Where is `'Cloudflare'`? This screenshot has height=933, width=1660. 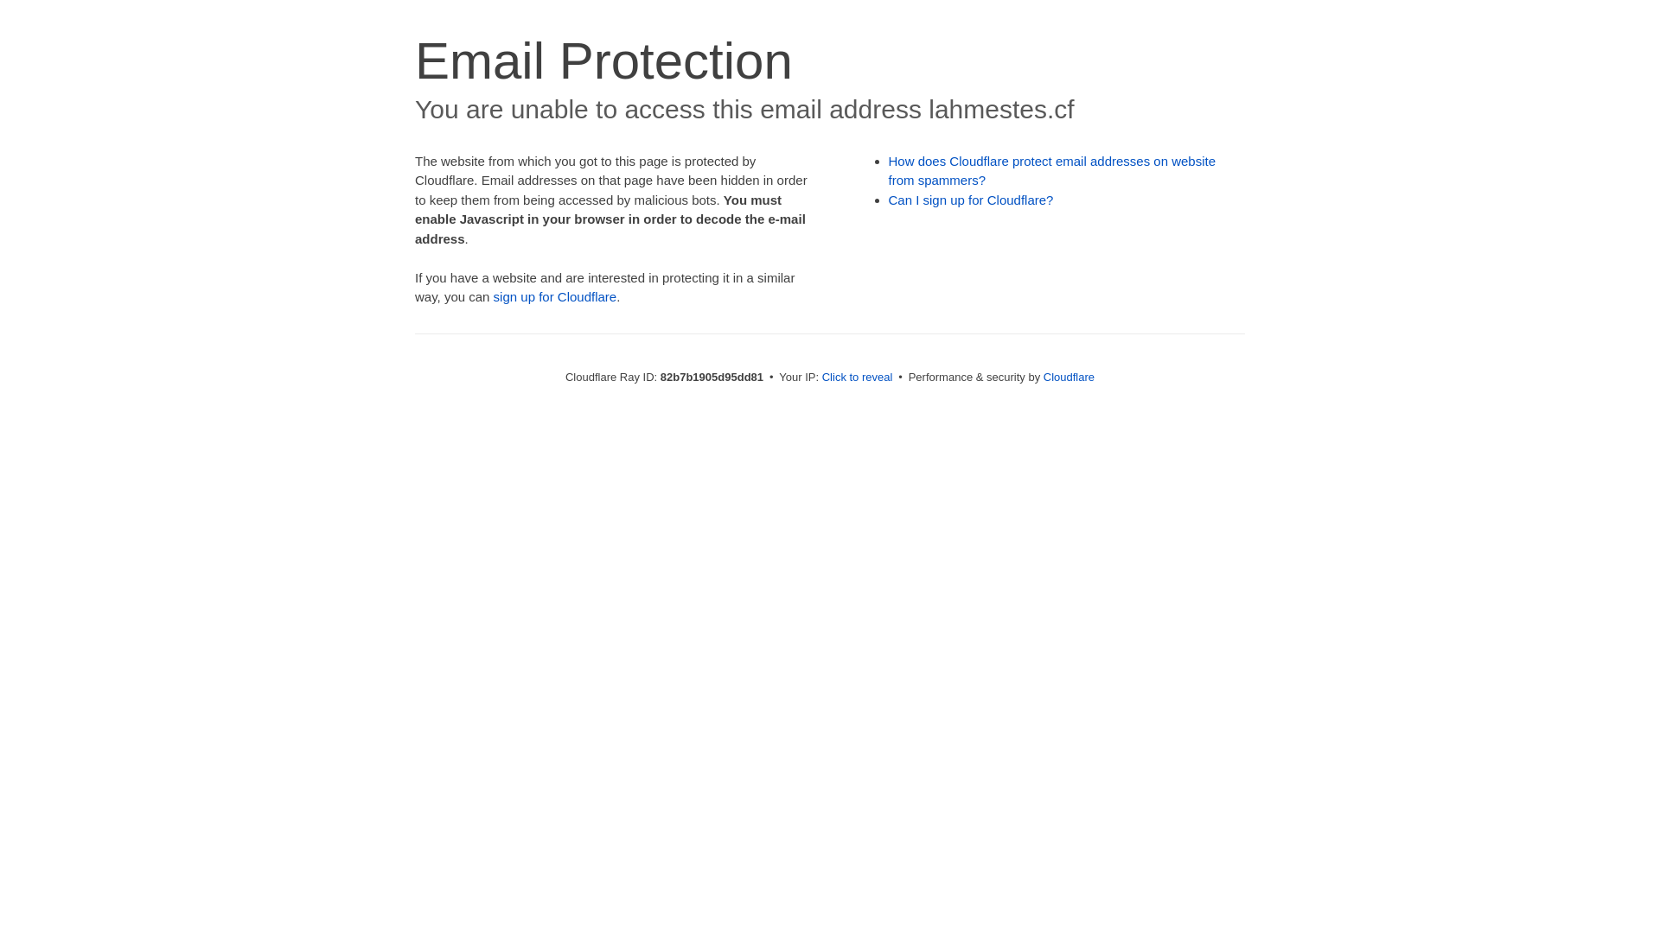 'Cloudflare' is located at coordinates (1068, 376).